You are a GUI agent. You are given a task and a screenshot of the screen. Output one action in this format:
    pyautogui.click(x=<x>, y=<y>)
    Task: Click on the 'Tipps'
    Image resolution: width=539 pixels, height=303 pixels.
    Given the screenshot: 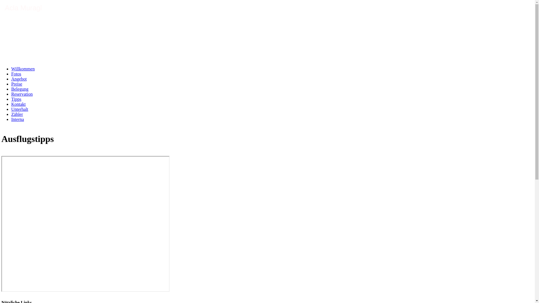 What is the action you would take?
    pyautogui.click(x=16, y=99)
    